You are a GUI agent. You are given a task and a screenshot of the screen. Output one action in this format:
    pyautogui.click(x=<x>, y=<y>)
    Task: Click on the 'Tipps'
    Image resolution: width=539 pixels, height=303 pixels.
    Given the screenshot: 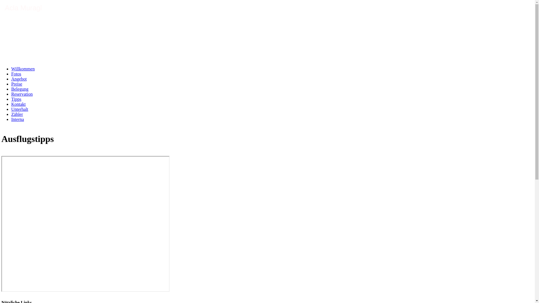 What is the action you would take?
    pyautogui.click(x=16, y=99)
    